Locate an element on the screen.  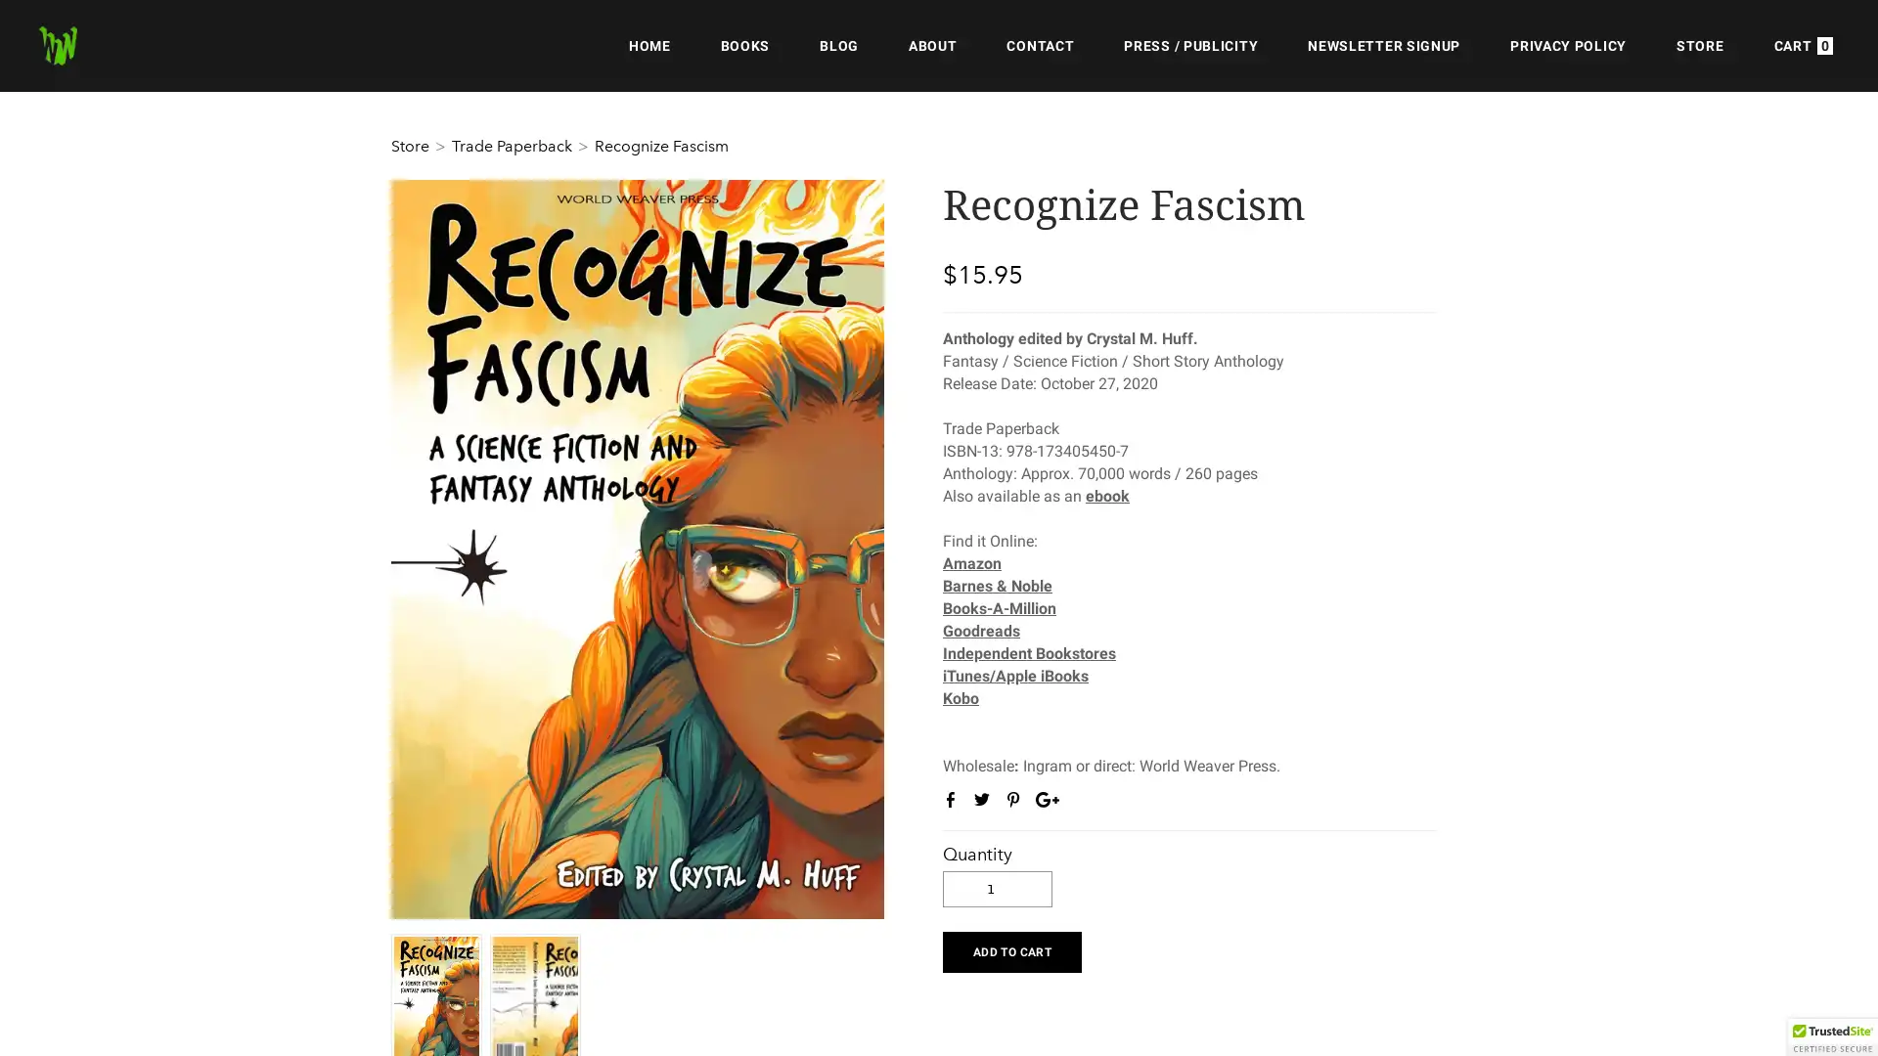
ADD TO CART is located at coordinates (1011, 949).